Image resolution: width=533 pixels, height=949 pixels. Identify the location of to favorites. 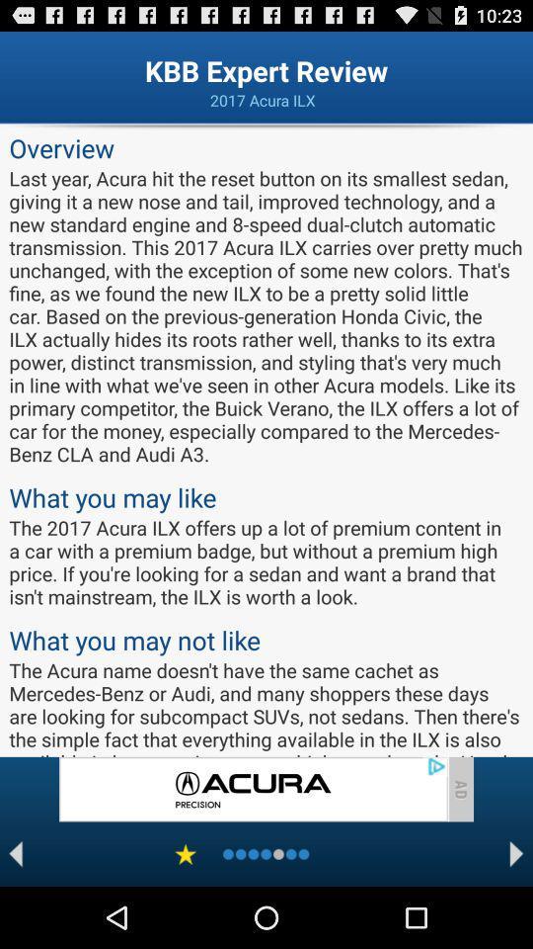
(186, 853).